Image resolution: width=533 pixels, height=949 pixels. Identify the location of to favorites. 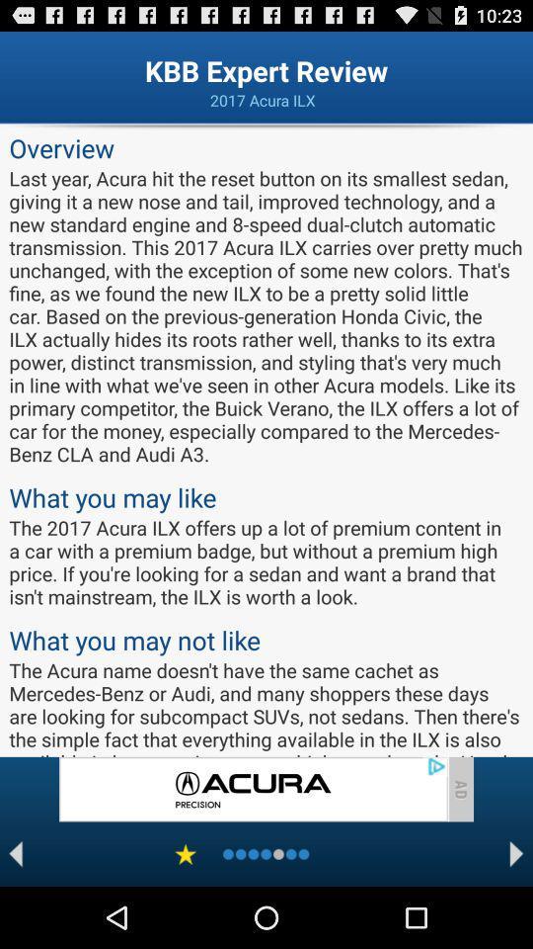
(186, 853).